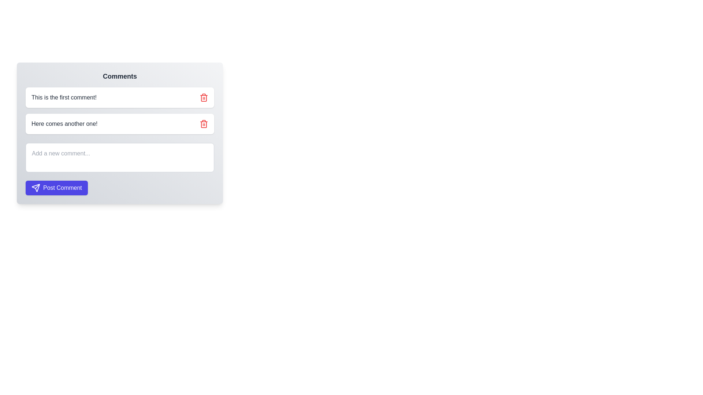 The width and height of the screenshot is (703, 395). Describe the element at coordinates (120, 97) in the screenshot. I see `comment text 'This is the first comment!' from the comment display box with a white background and a red trash icon on the right` at that location.